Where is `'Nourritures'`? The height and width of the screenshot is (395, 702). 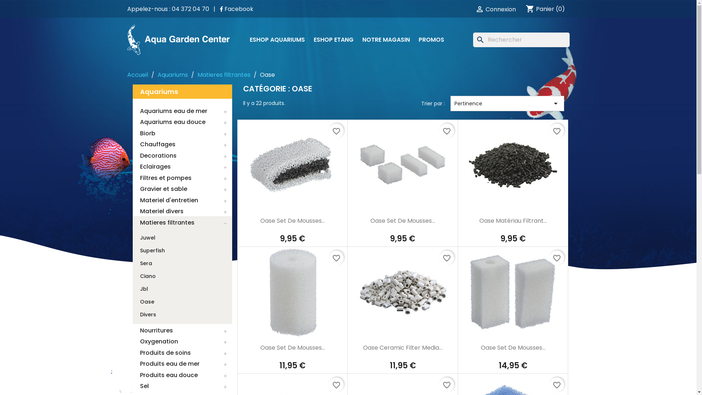 'Nourritures' is located at coordinates (132, 330).